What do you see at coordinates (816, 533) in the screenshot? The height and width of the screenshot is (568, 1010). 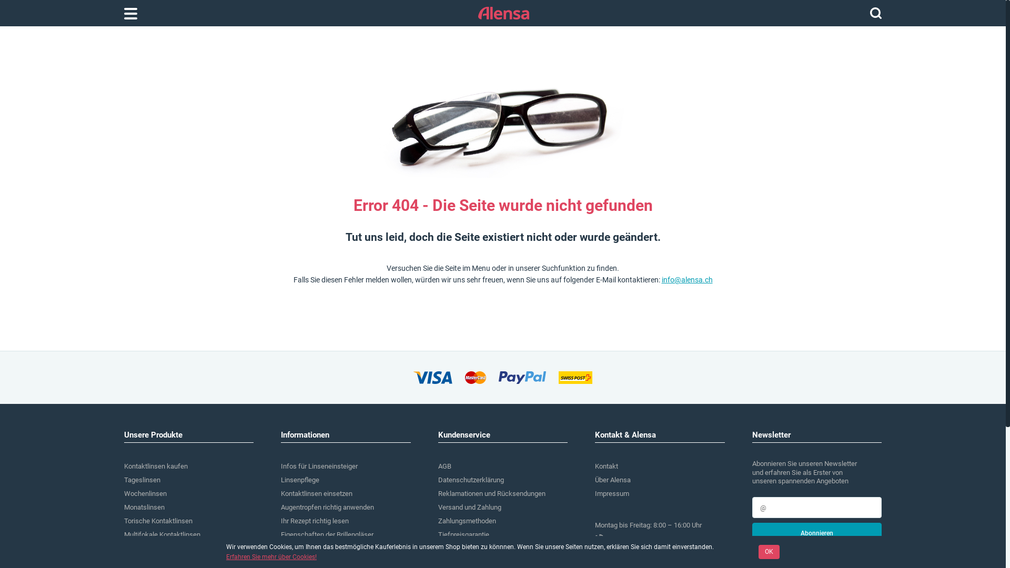 I see `'Abonnieren'` at bounding box center [816, 533].